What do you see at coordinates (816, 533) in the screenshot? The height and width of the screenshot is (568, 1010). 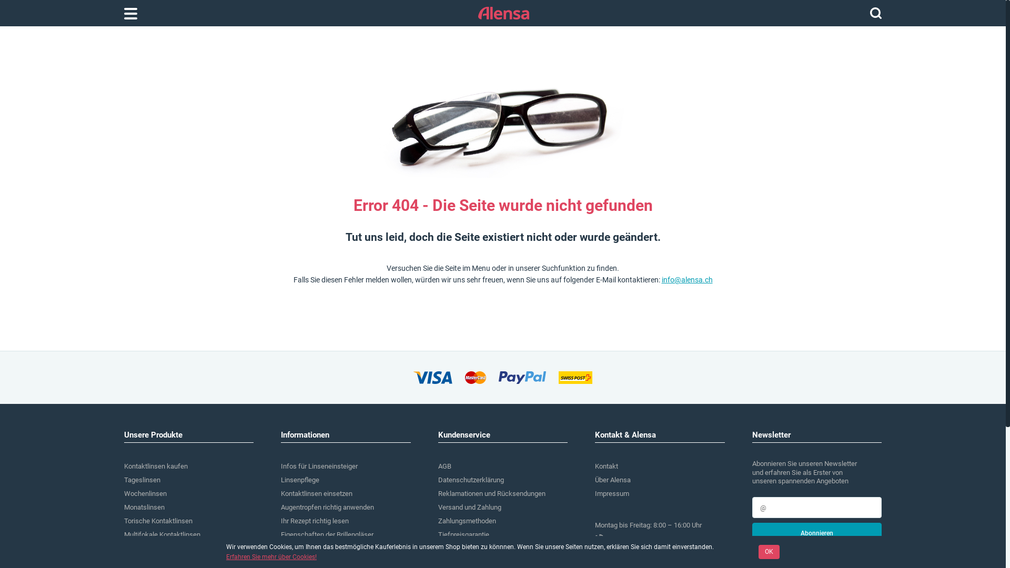 I see `'Abonnieren'` at bounding box center [816, 533].